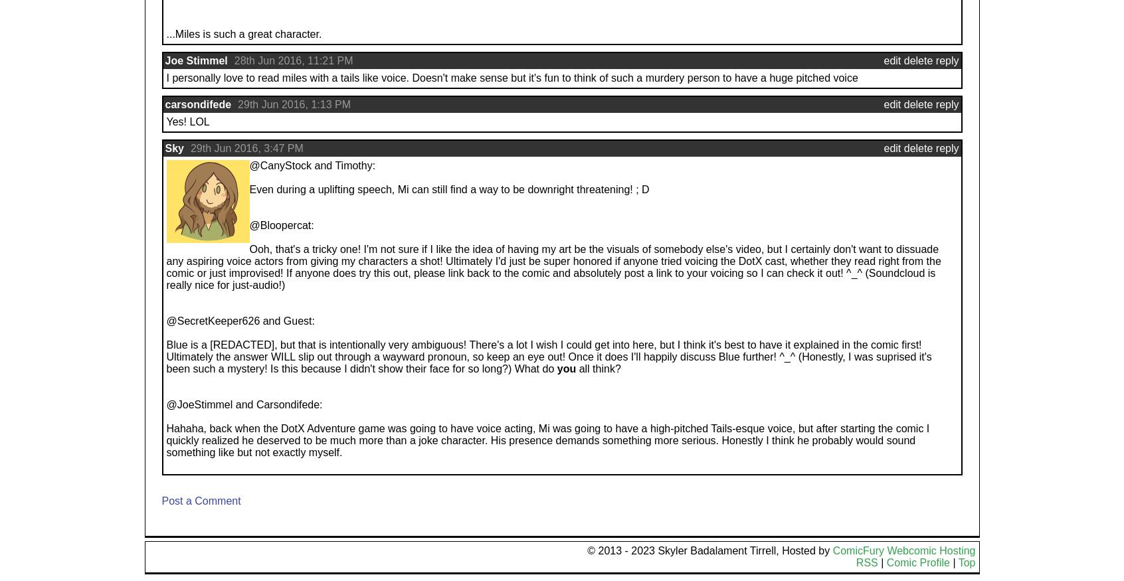 This screenshot has height=581, width=1124. I want to click on '@JoeStimmel and Carsondifede:', so click(166, 404).